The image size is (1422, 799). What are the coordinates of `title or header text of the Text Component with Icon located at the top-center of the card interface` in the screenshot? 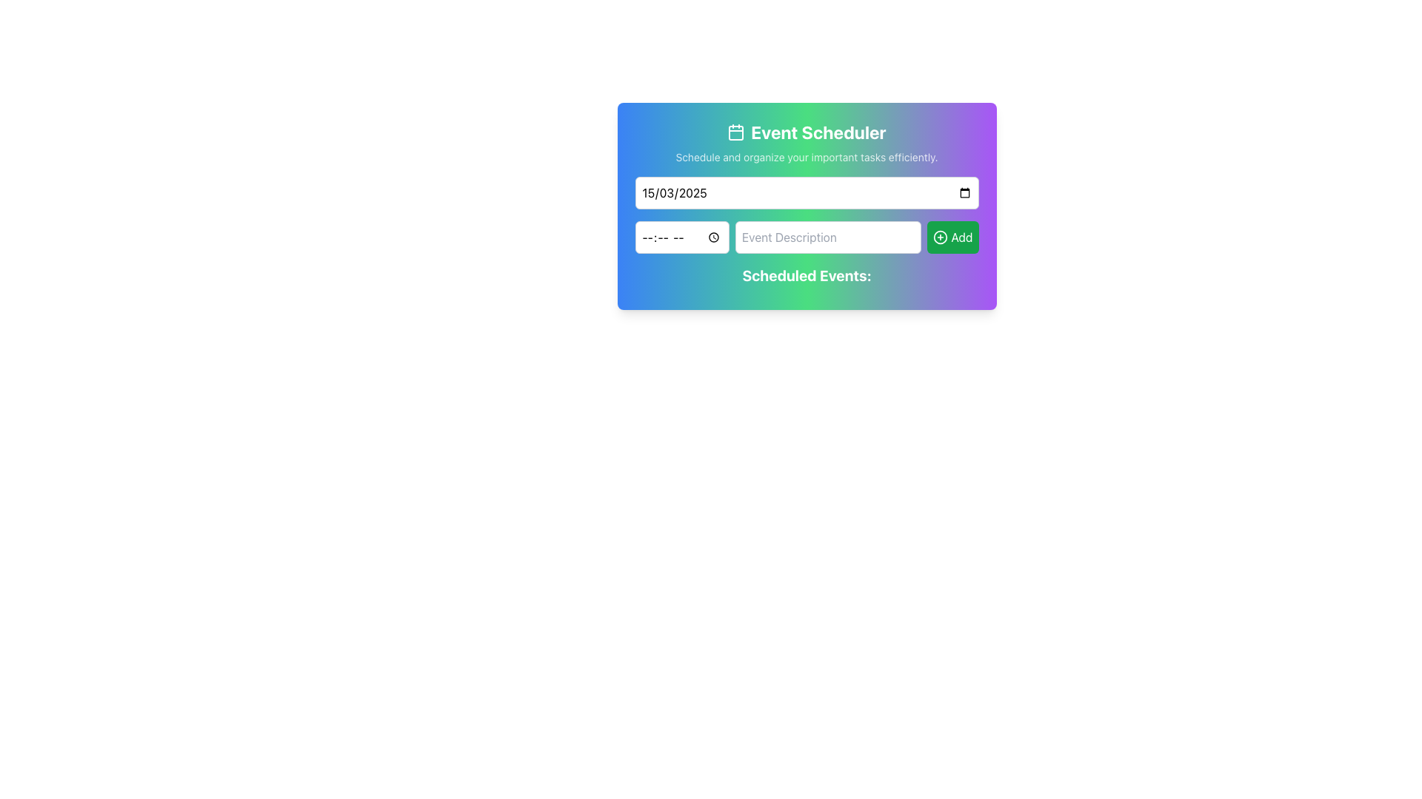 It's located at (806, 131).